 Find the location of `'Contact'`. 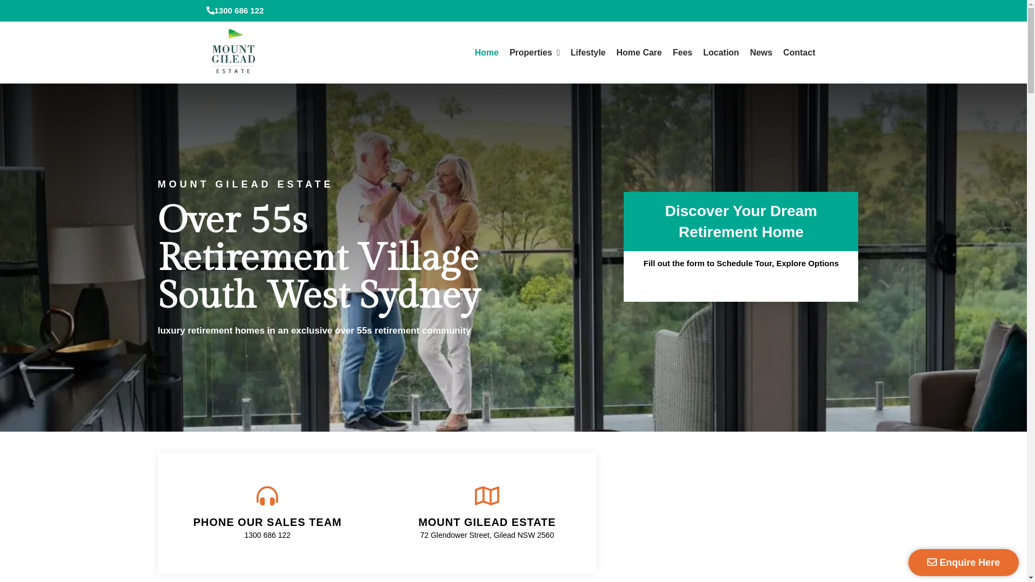

'Contact' is located at coordinates (799, 52).